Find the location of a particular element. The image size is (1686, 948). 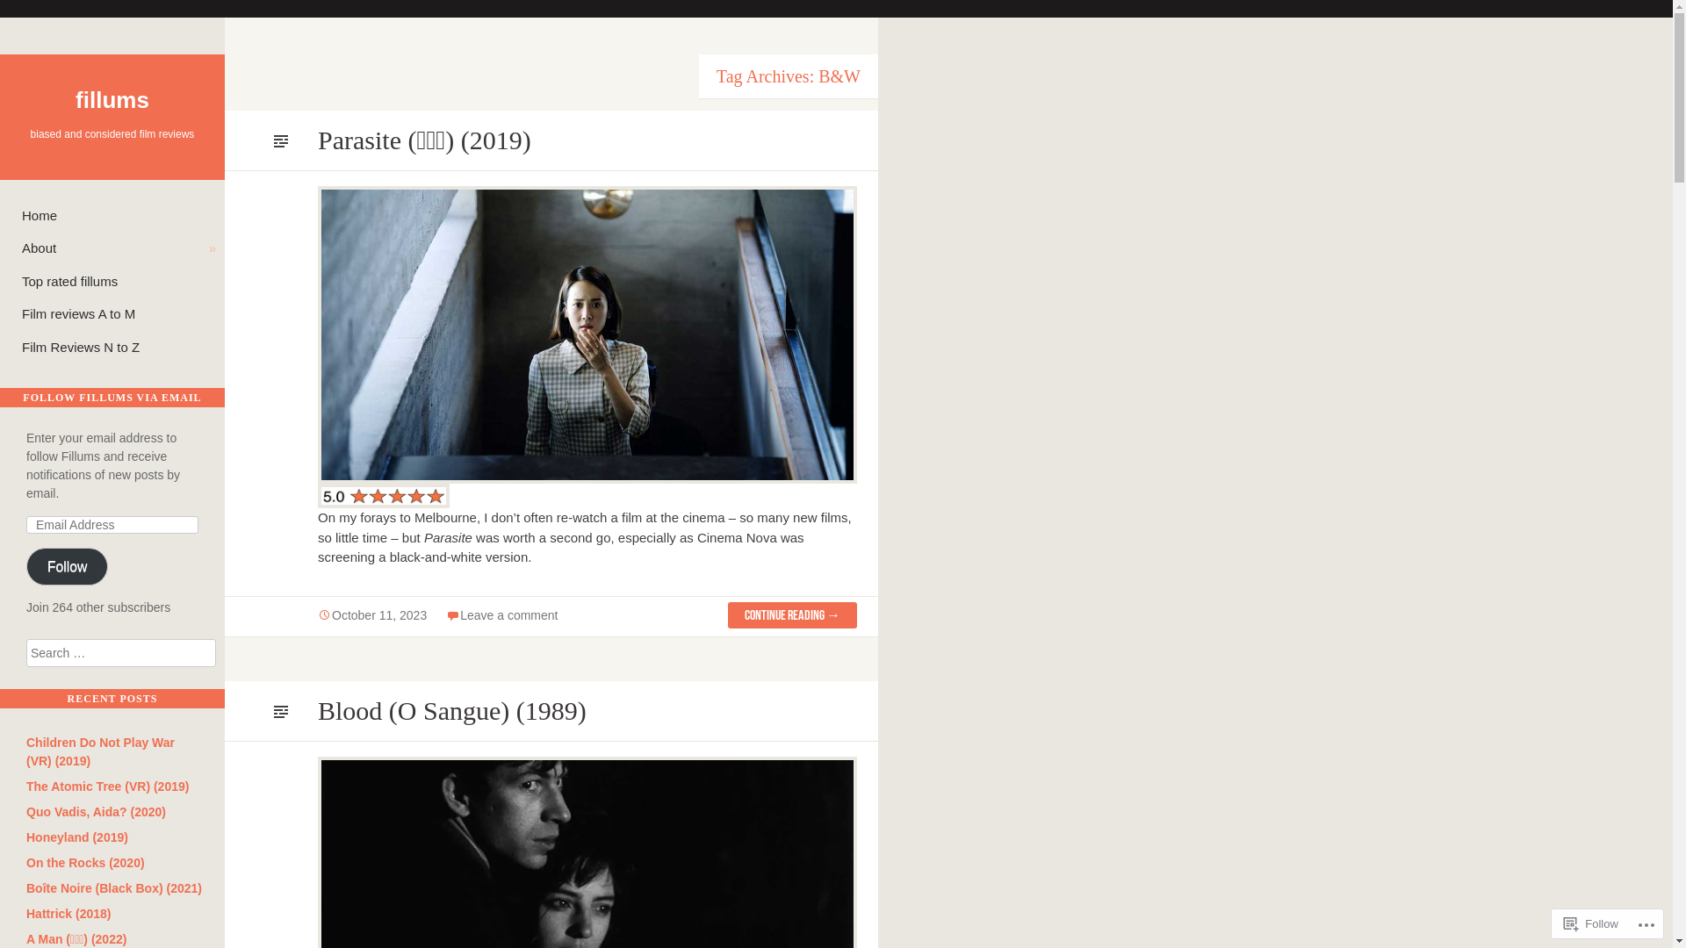

'Blood (O Sangue) (1989)' is located at coordinates (451, 709).